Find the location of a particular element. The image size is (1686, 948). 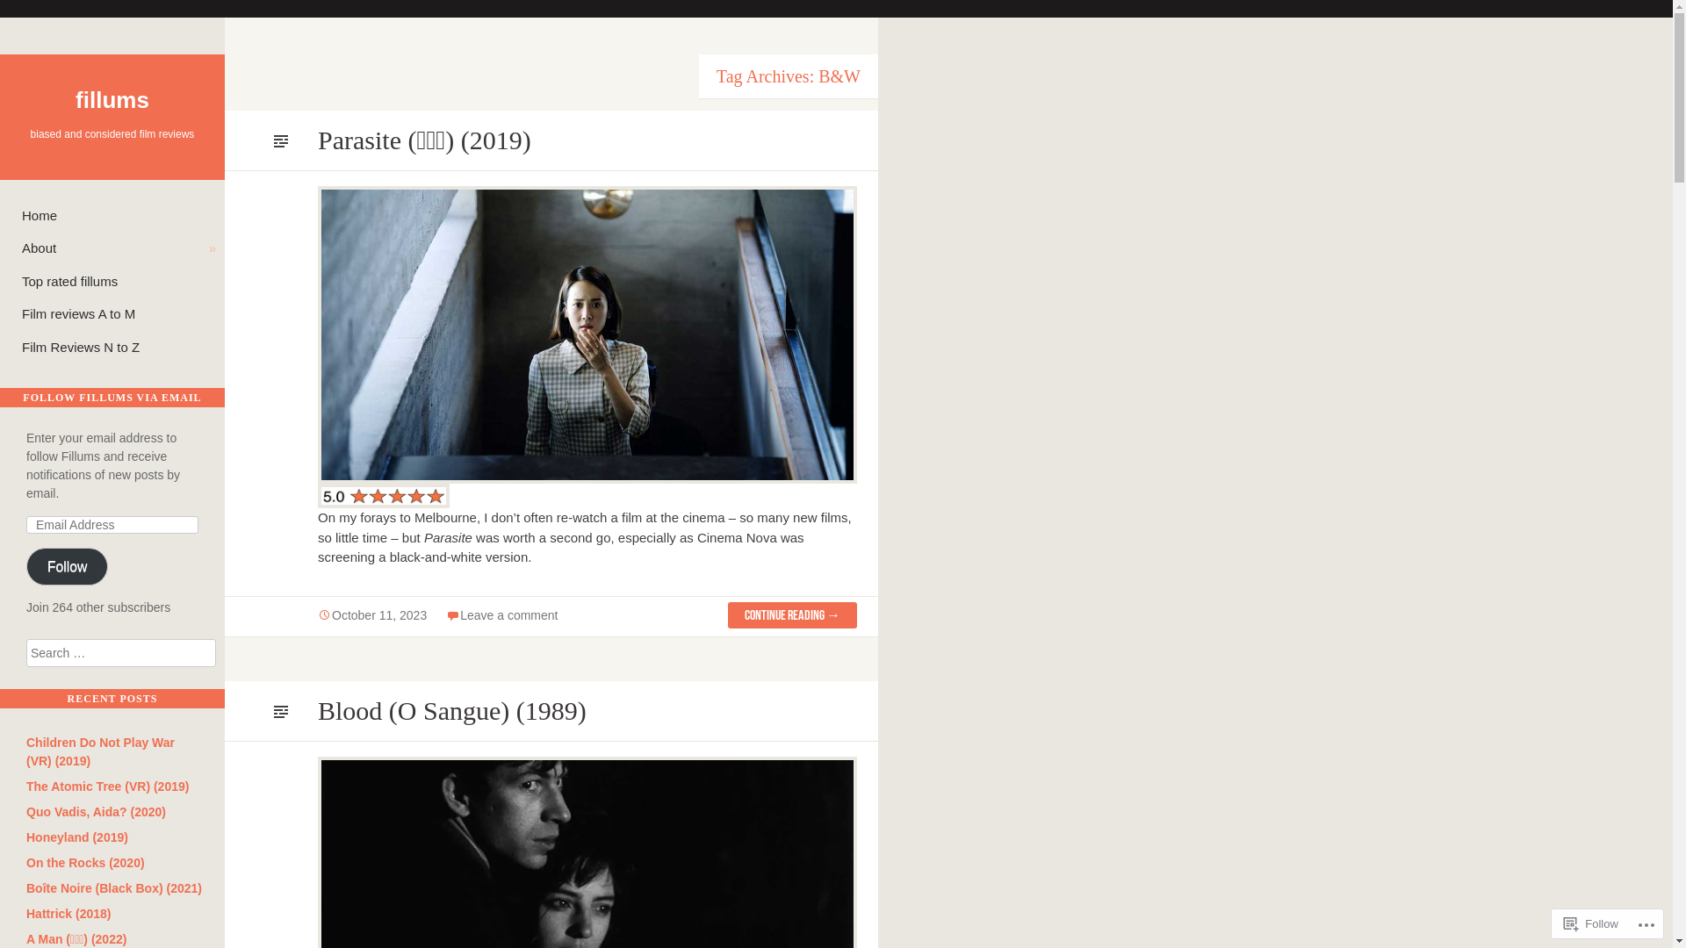

'Blood (O Sangue) (1989)' is located at coordinates (451, 709).